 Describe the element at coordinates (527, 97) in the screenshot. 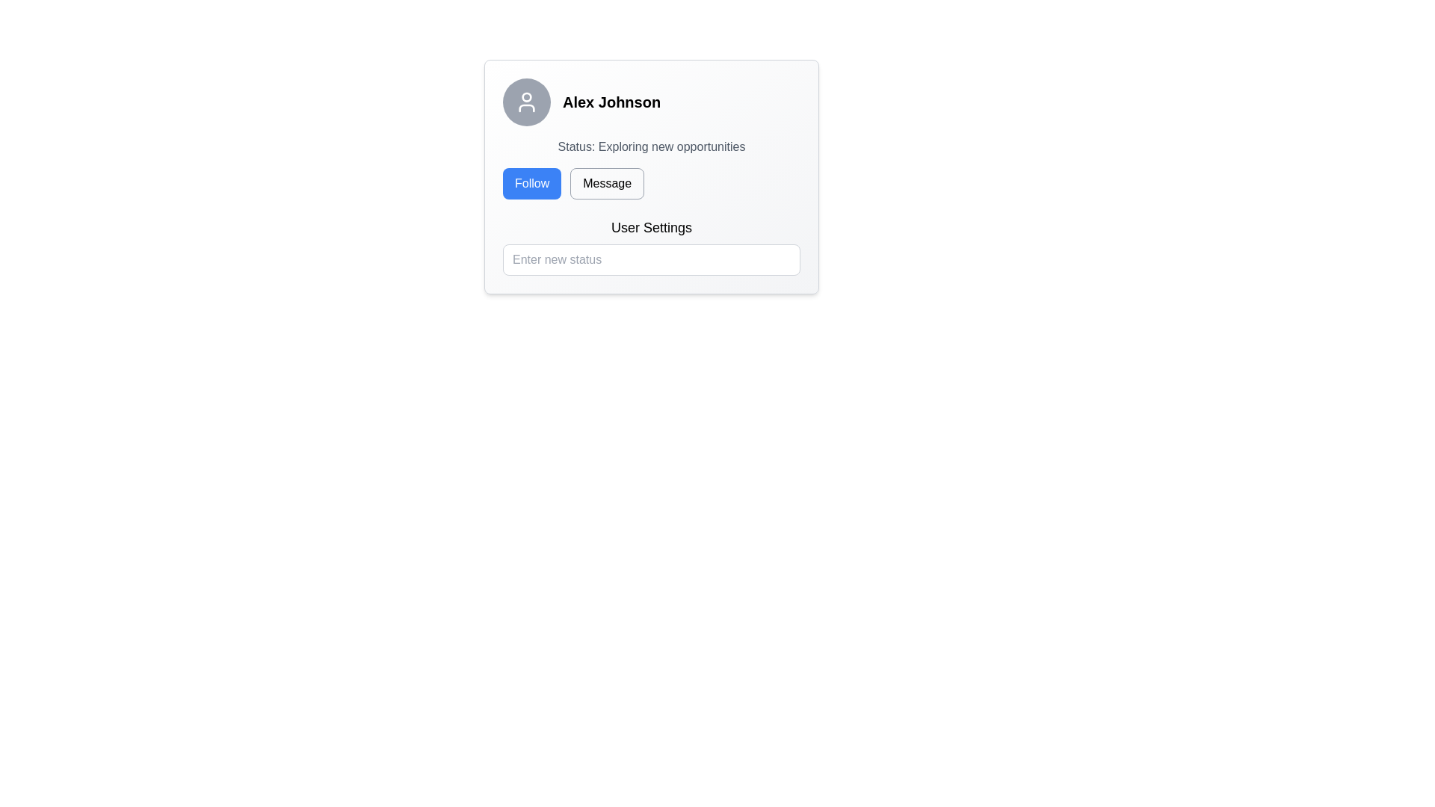

I see `the small circle located within the user profile icon at the top center of the interface card, which represents the profile of Alex Johnson` at that location.